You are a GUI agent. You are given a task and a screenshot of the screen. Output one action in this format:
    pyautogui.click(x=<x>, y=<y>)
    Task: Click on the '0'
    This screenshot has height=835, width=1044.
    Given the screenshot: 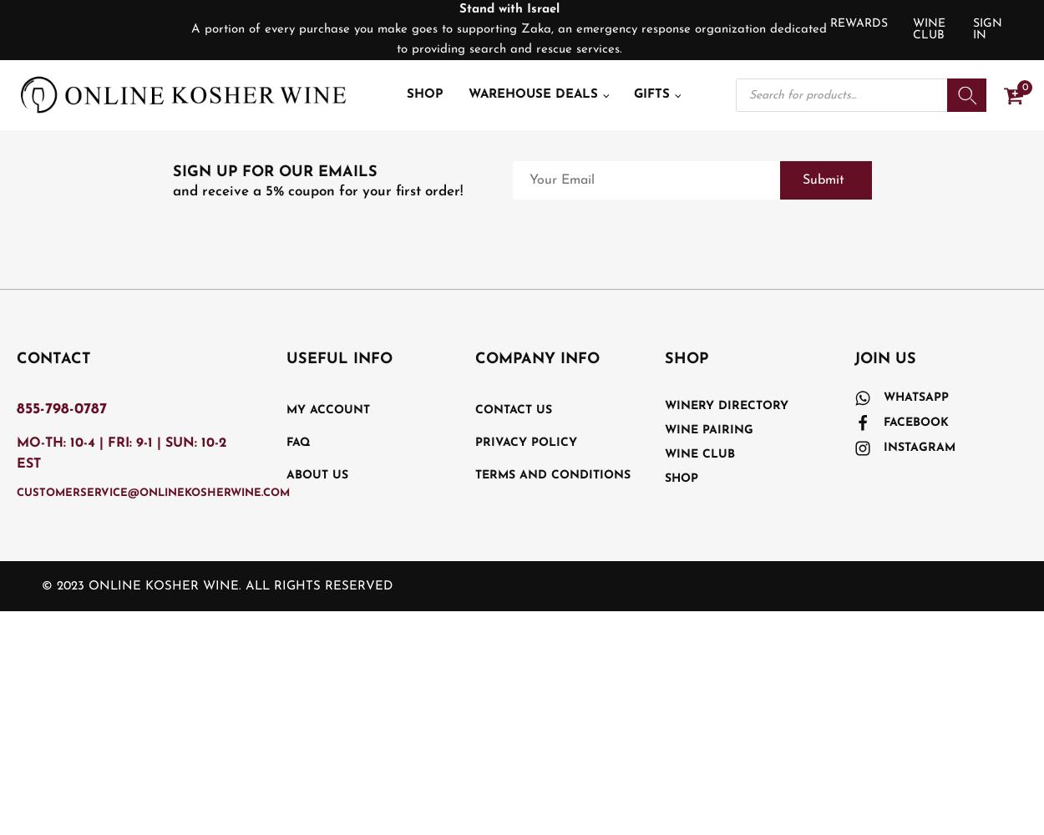 What is the action you would take?
    pyautogui.click(x=1023, y=86)
    